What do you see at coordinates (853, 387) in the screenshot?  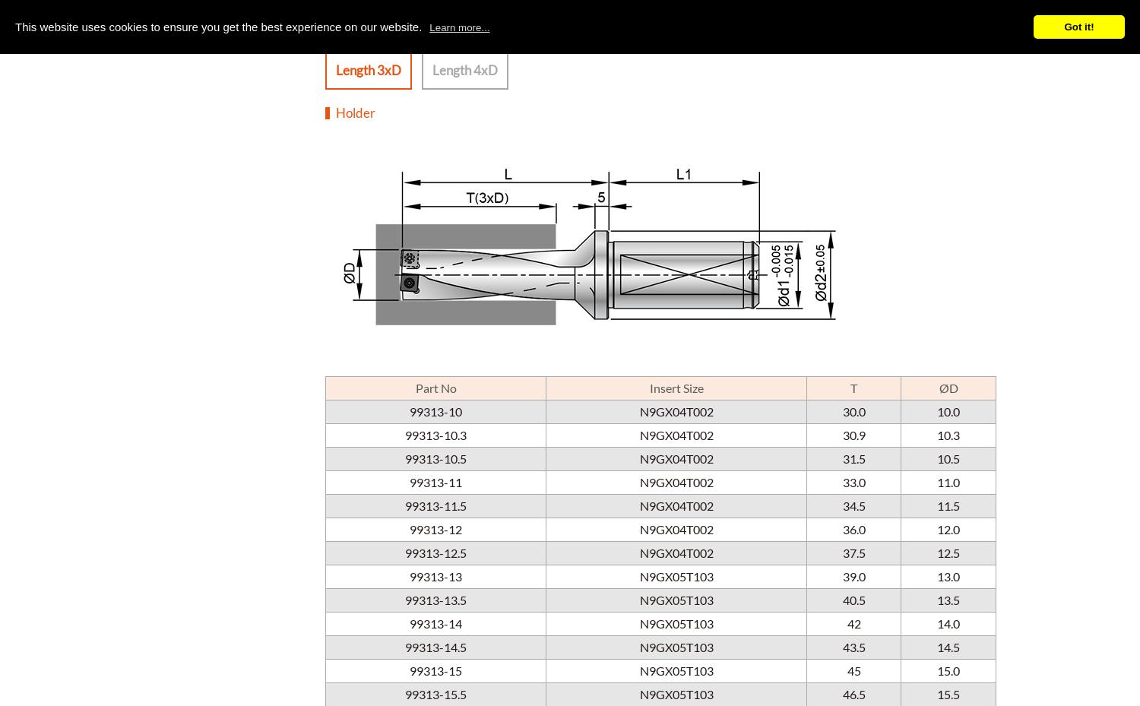 I see `'T'` at bounding box center [853, 387].